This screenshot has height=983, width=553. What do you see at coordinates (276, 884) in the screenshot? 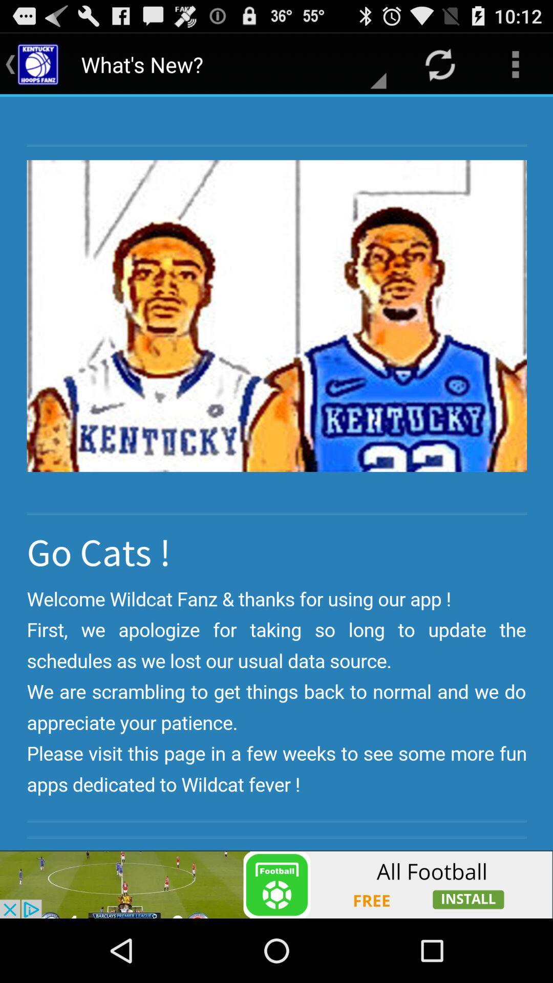
I see `advertisement` at bounding box center [276, 884].